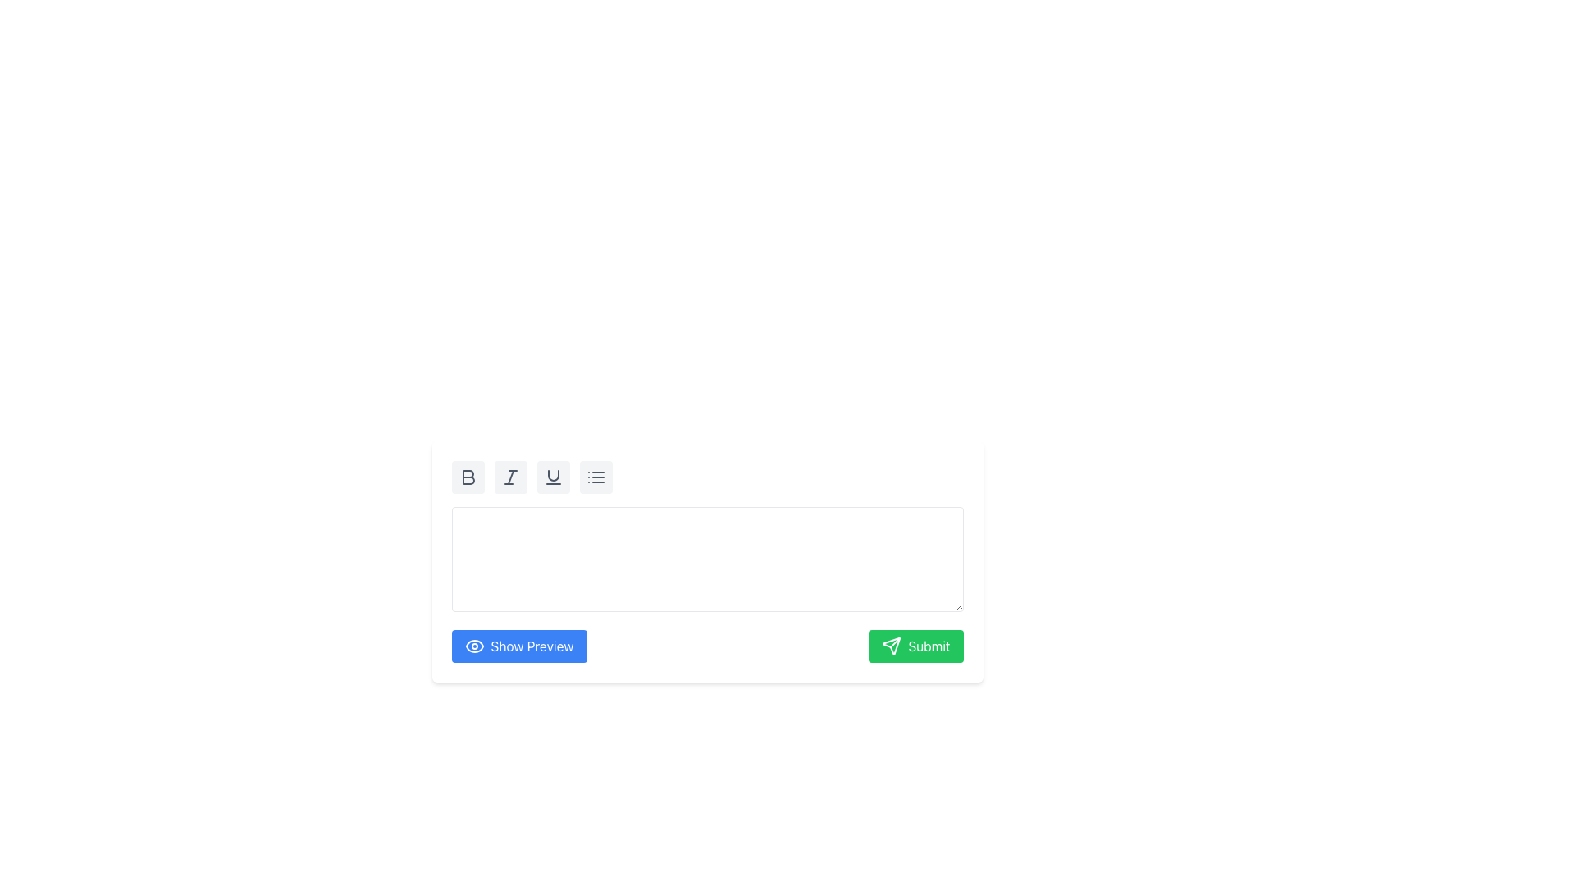  I want to click on the SVG Icon Button that represents the italicize function in text formatting, located in the toolbar between the bold 'B' icon and the underline 'U' icon, so click(509, 477).